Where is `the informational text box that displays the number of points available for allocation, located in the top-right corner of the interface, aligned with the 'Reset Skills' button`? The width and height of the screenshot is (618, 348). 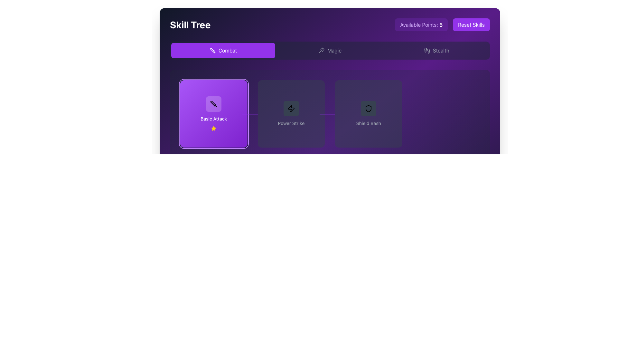 the informational text box that displays the number of points available for allocation, located in the top-right corner of the interface, aligned with the 'Reset Skills' button is located at coordinates (421, 24).